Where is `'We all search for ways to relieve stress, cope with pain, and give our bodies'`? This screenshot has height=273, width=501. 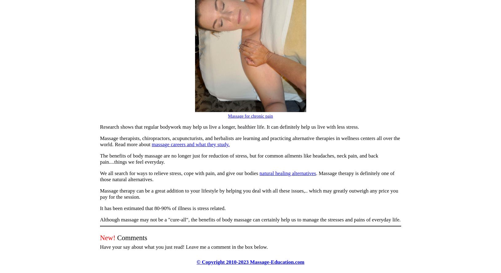
'We all search for ways to relieve stress, cope with pain, and give our bodies' is located at coordinates (179, 173).